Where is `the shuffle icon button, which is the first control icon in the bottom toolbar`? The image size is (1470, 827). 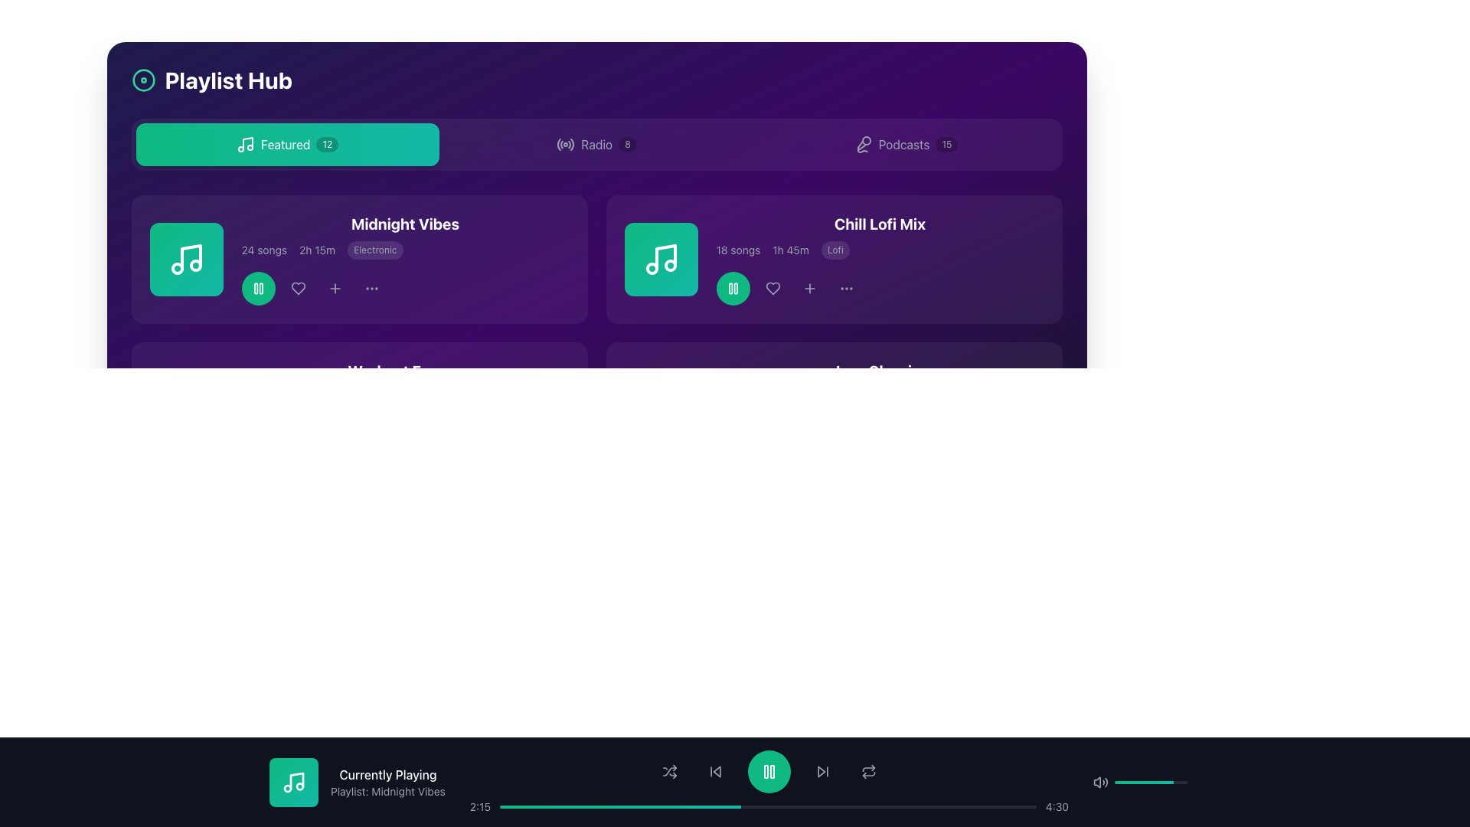 the shuffle icon button, which is the first control icon in the bottom toolbar is located at coordinates (669, 771).